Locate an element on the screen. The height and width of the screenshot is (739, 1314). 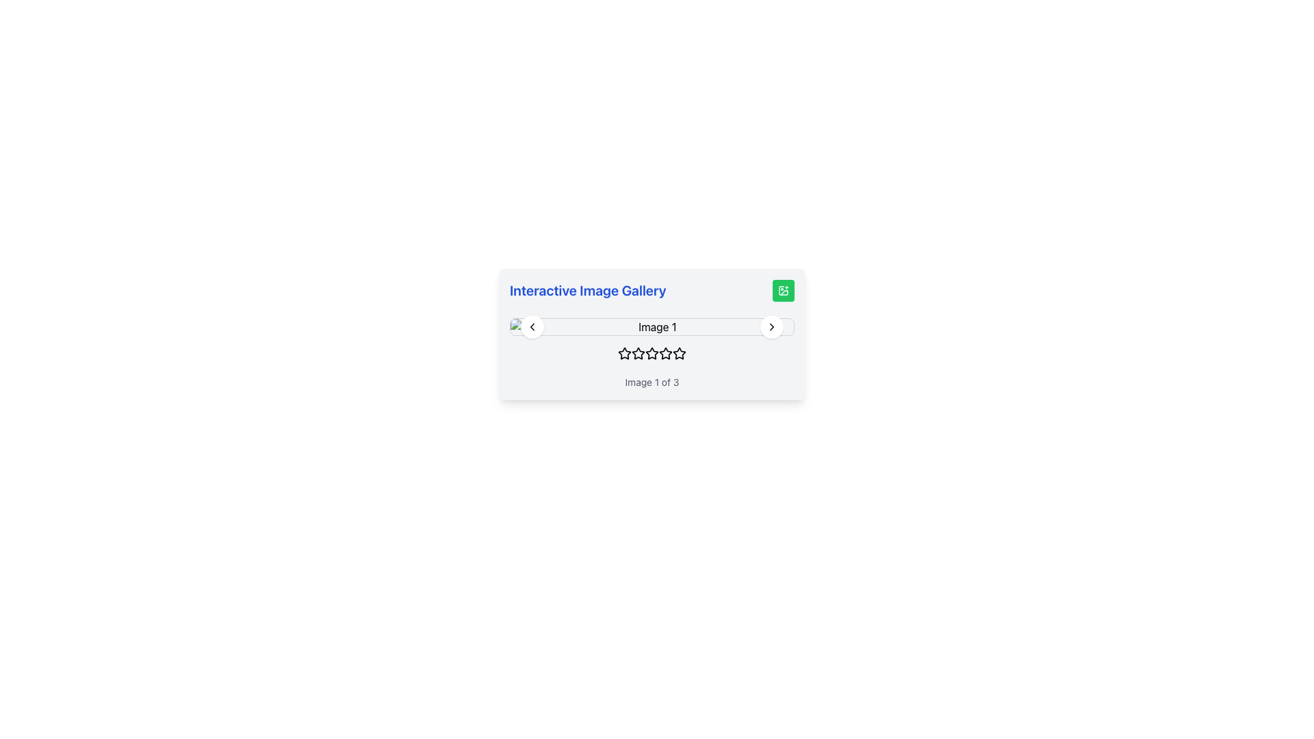
the first star icon in the ratings interface, which is filled with a white background and outlined in black, indicating its inactive state is located at coordinates (623, 352).